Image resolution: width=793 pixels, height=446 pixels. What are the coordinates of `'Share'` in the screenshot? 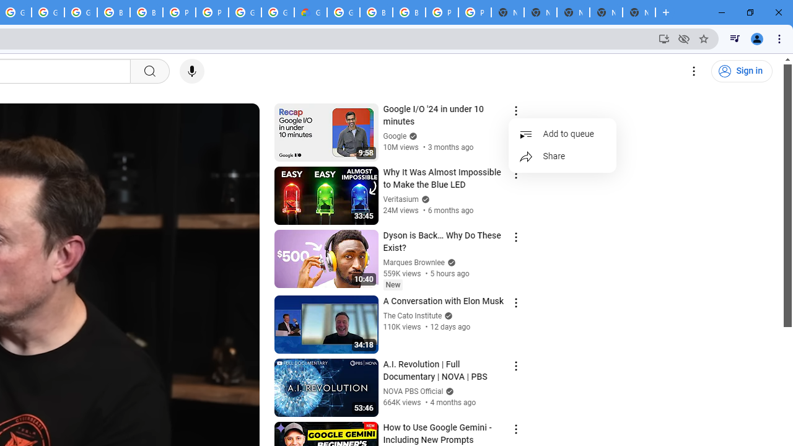 It's located at (562, 155).